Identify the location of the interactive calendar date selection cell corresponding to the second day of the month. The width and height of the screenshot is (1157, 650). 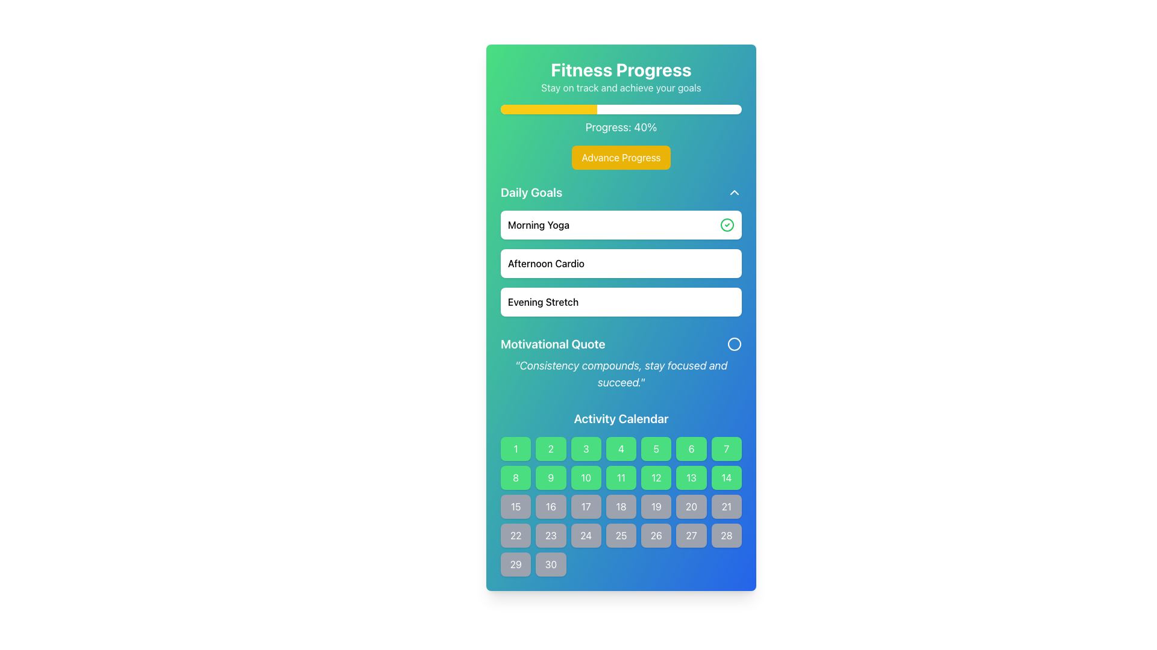
(550, 448).